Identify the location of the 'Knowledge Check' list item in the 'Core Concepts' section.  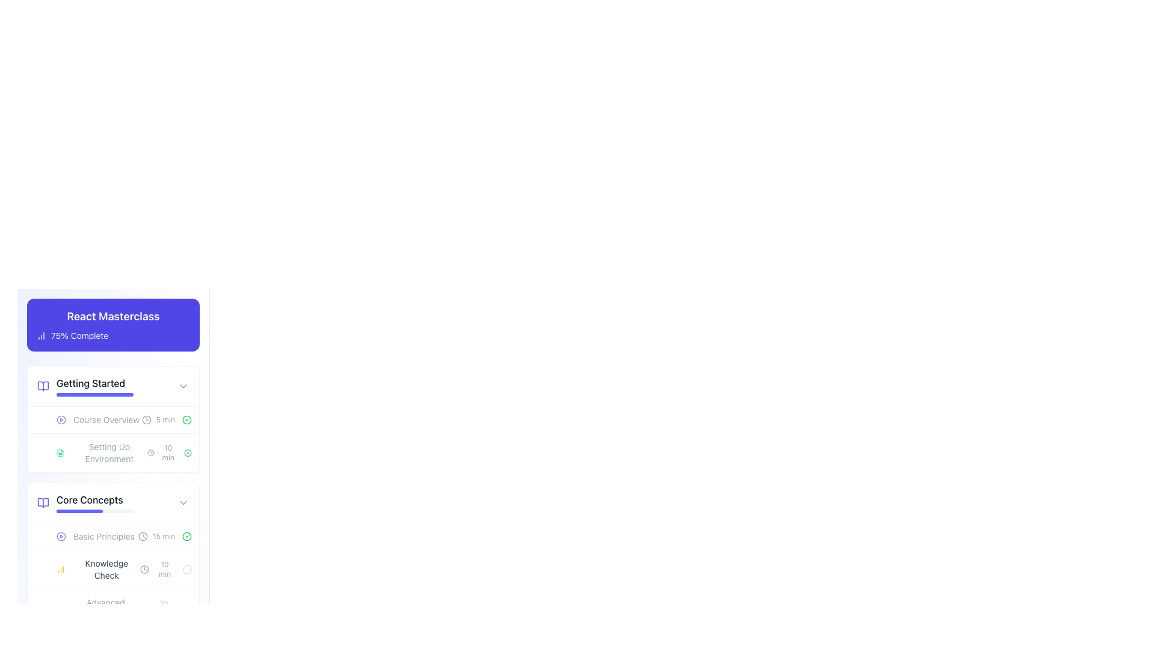
(113, 574).